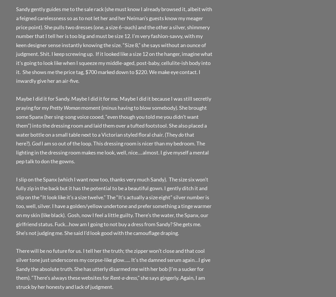 This screenshot has height=297, width=336. Describe the element at coordinates (114, 206) in the screenshot. I see `'I slip on the Spanx (which I want now too, thanks very much Sandy).  The size six won’t fully zip in the back but it has the potential to be a beautiful gown. I gently ditch it and slip on the “It look like it’s a size twelve.” The “It’s actually a size eight” silver number is too, well, silver. I have a golden/yellow undertone and prefer something a tinge warmer on my skin (like black).  Gosh, now I feel a little guilty. There’s the water, the Spanx, our girlfriend status. Fuck…how am I going to not buy a dress from Sandy? She gets me. She’s not judging me. She said I’d look good with the camouflage draping.'` at that location.